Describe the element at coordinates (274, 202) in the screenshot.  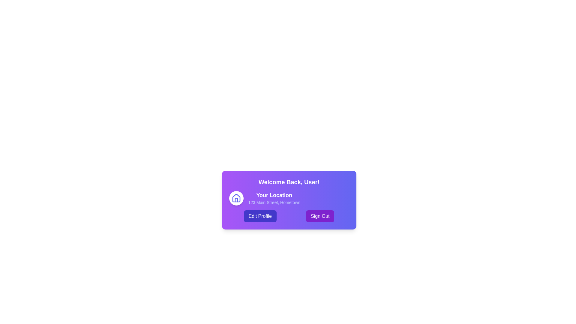
I see `the text element displaying '123 Main Street, Hometown' which is styled in indigo and located within a gradient-colored card layout, positioned below the header 'Your Location'` at that location.